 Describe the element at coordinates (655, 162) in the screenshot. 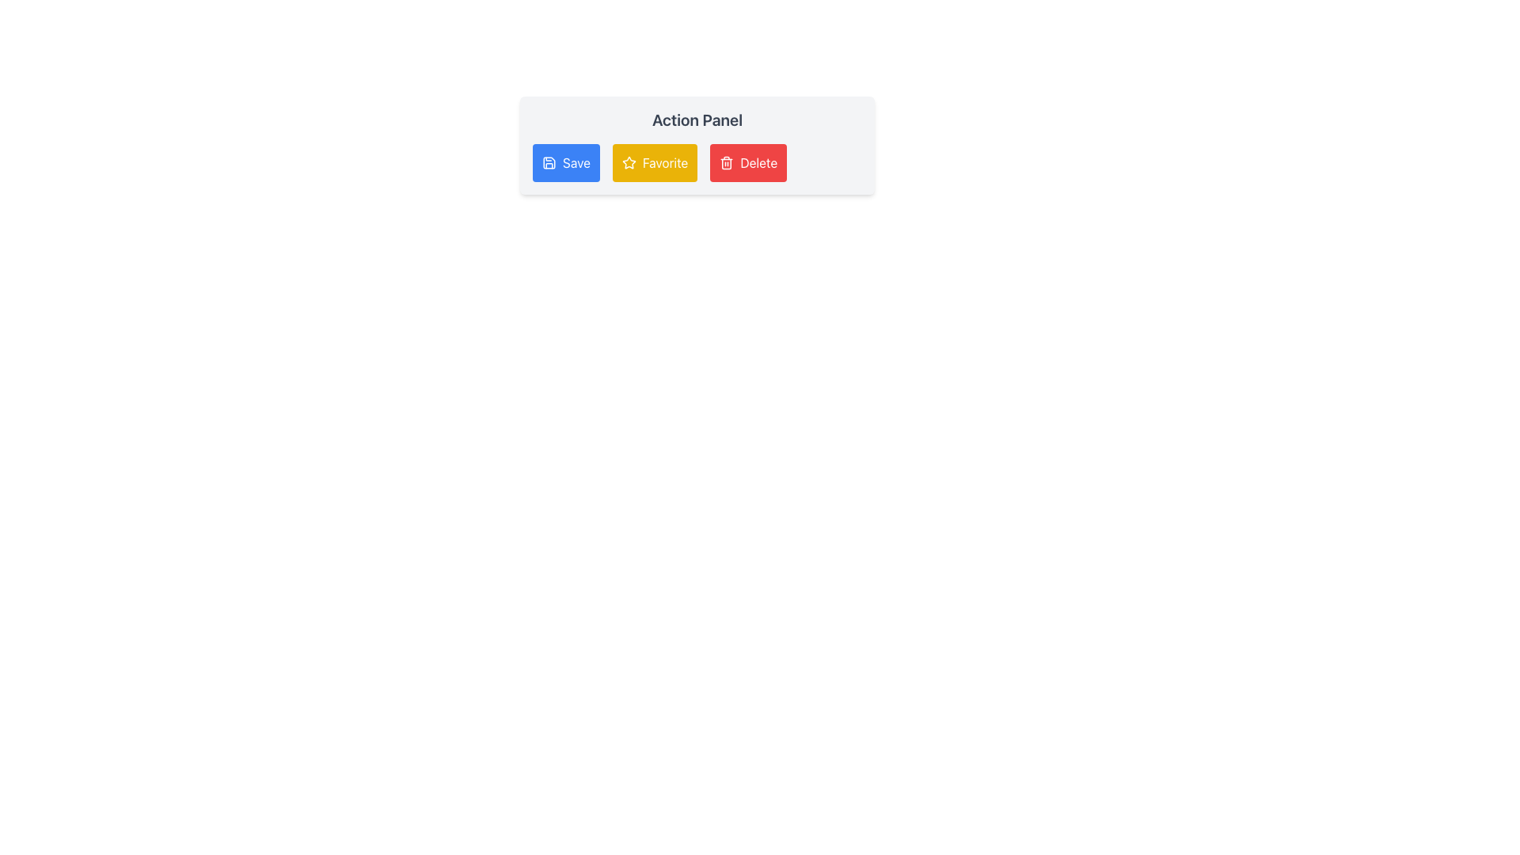

I see `the 'Favorite' button, which is a bright yellow rectangular button with white text and a star icon, located centrally in a group of three buttons at the top-center of the UI` at that location.